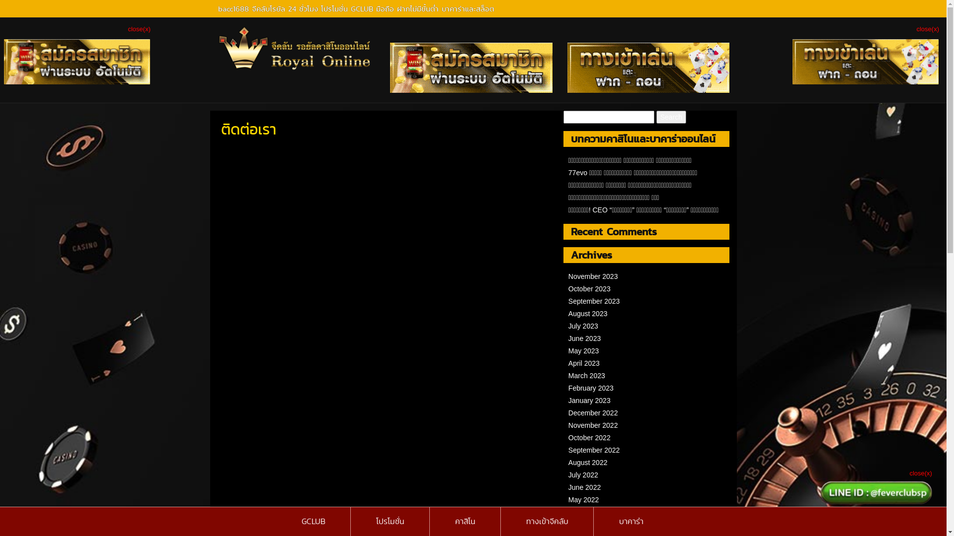 This screenshot has height=536, width=954. Describe the element at coordinates (568, 463) in the screenshot. I see `'August 2022'` at that location.